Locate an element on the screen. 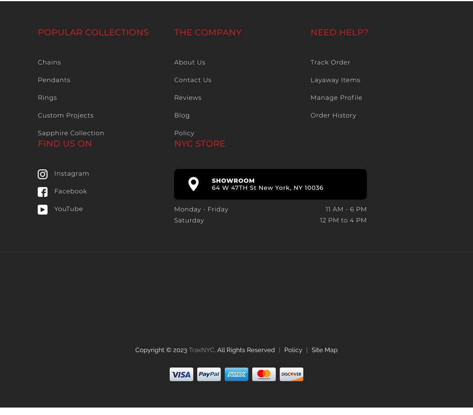  'Sapphire Collection' is located at coordinates (71, 133).